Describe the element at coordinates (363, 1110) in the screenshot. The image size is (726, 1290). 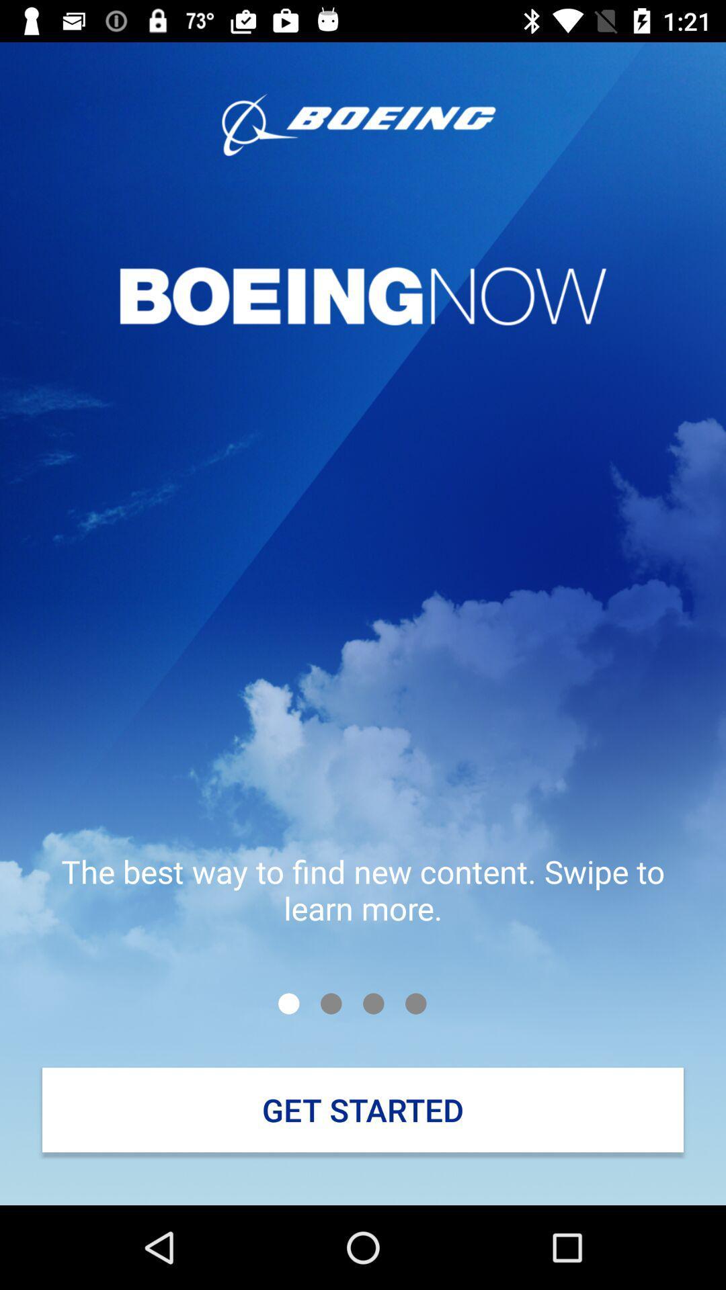
I see `the get started icon` at that location.